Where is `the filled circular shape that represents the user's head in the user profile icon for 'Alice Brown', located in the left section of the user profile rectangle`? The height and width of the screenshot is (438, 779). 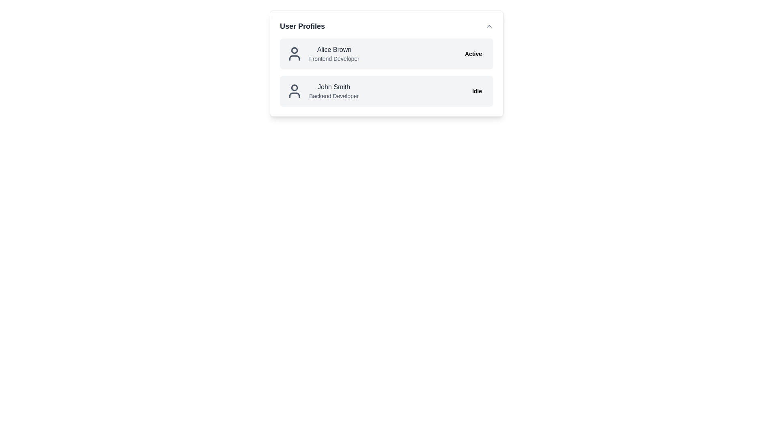 the filled circular shape that represents the user's head in the user profile icon for 'Alice Brown', located in the left section of the user profile rectangle is located at coordinates (294, 50).